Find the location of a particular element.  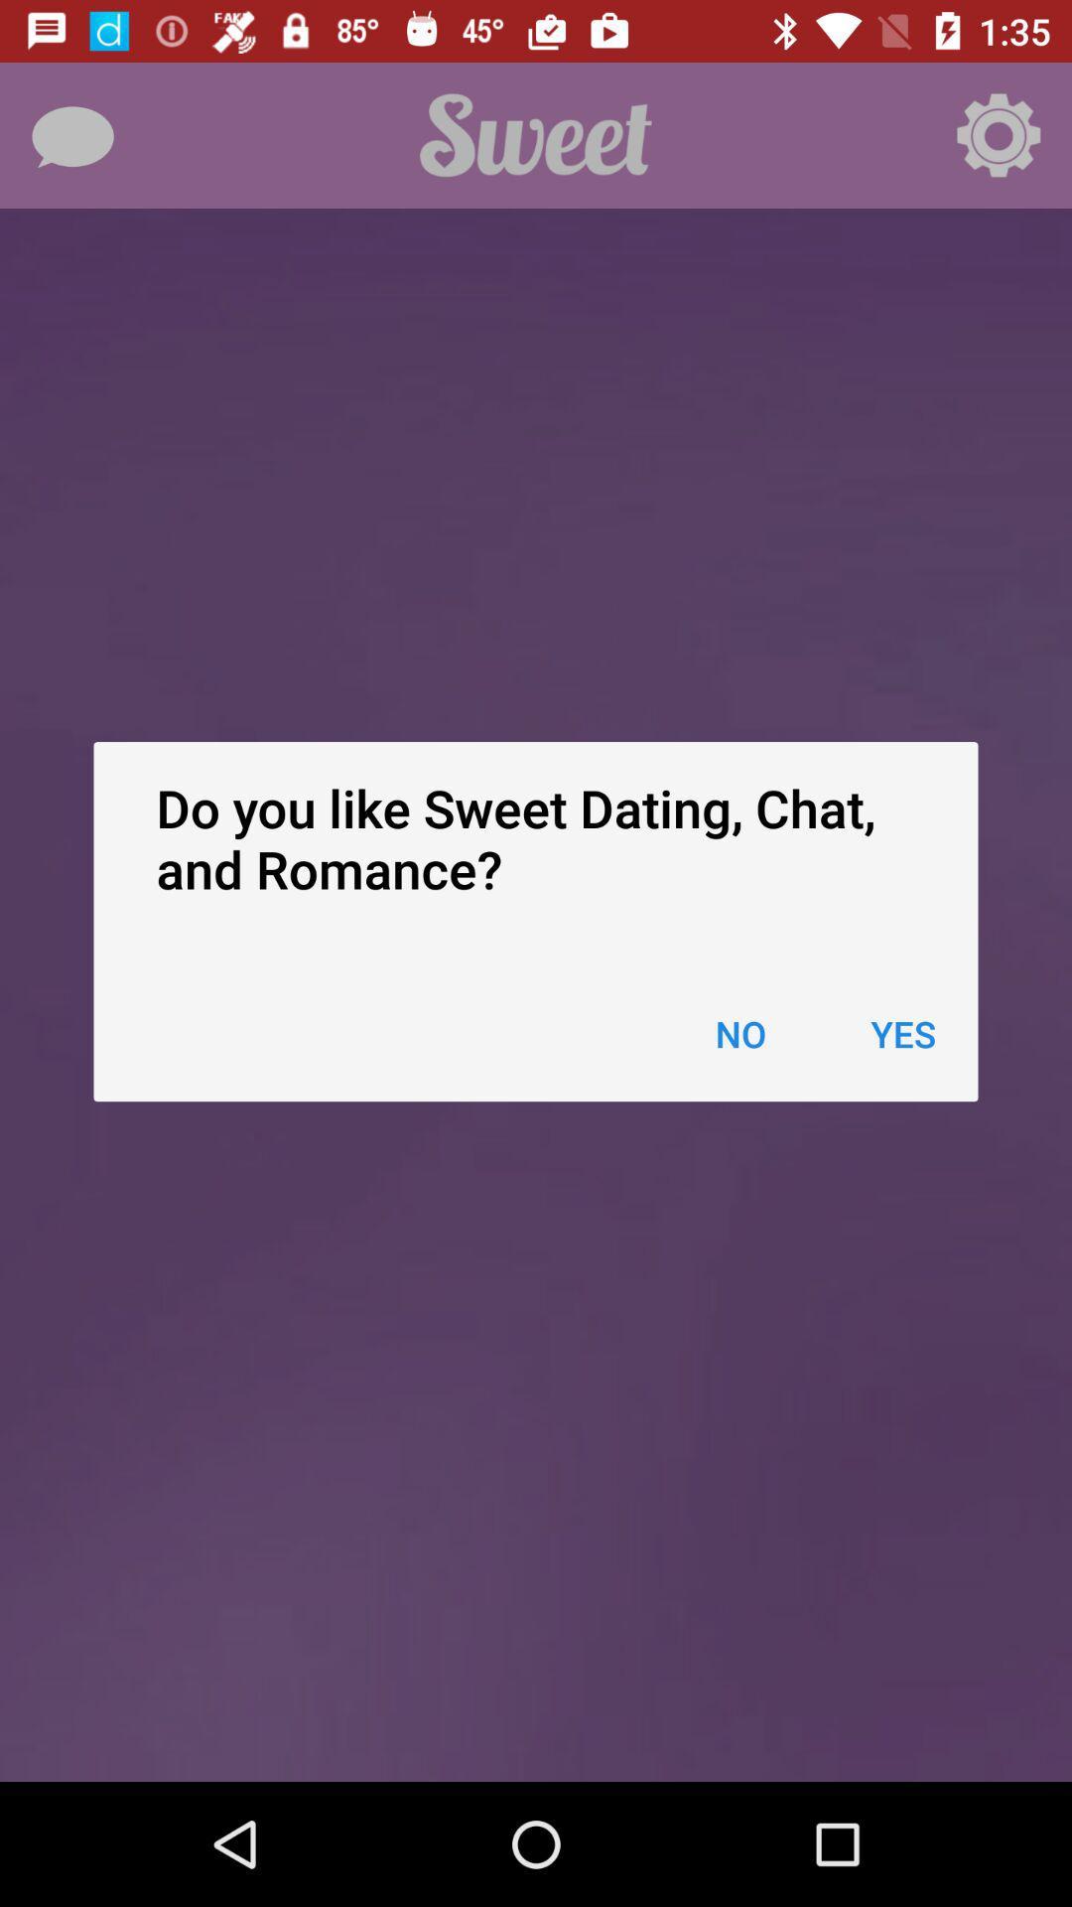

yes item is located at coordinates (903, 1033).